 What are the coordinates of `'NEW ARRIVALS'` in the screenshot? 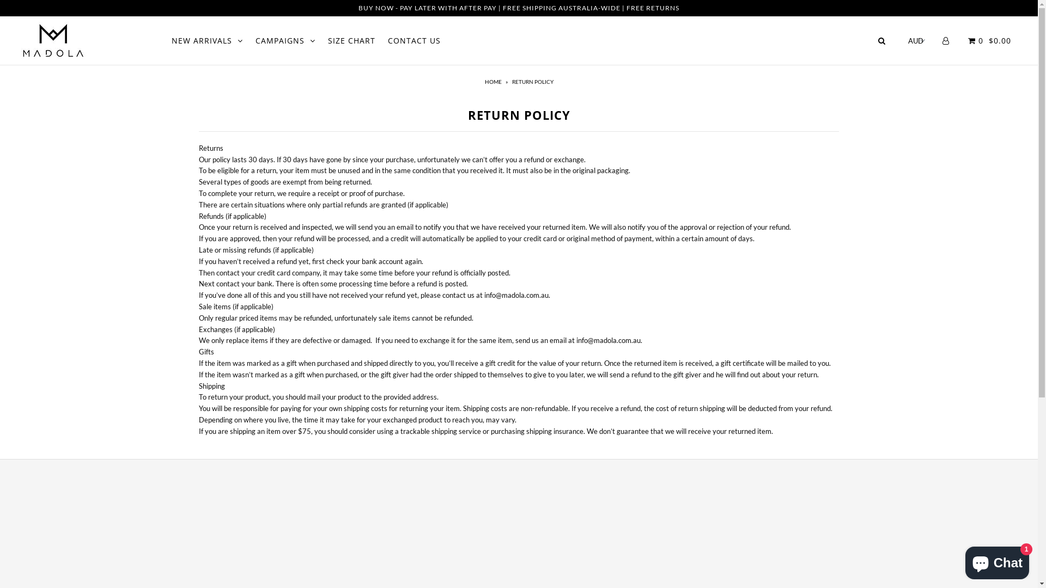 It's located at (207, 40).